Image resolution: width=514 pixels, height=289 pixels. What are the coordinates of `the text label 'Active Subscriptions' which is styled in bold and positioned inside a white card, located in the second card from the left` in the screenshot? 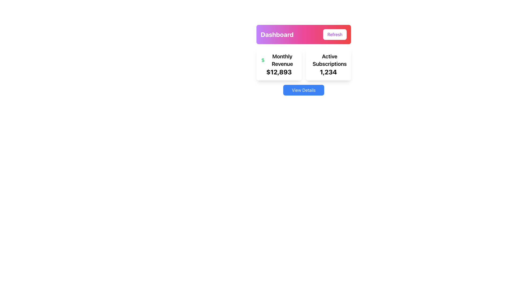 It's located at (329, 60).